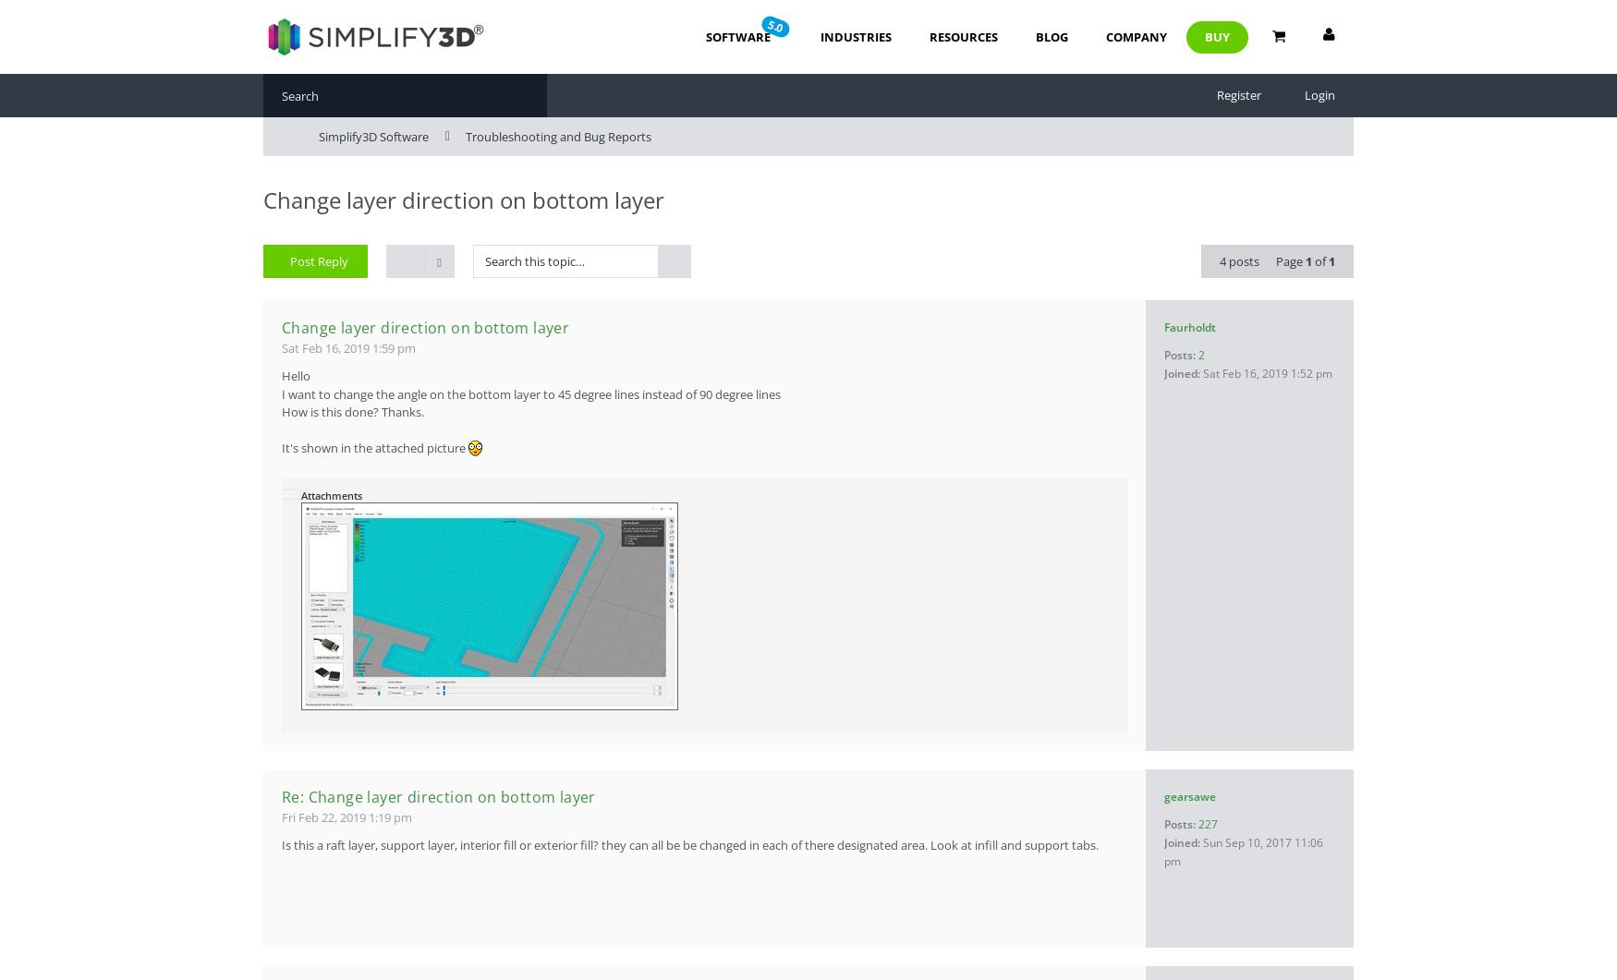 The height and width of the screenshot is (980, 1617). Describe the element at coordinates (281, 375) in the screenshot. I see `'Hello'` at that location.